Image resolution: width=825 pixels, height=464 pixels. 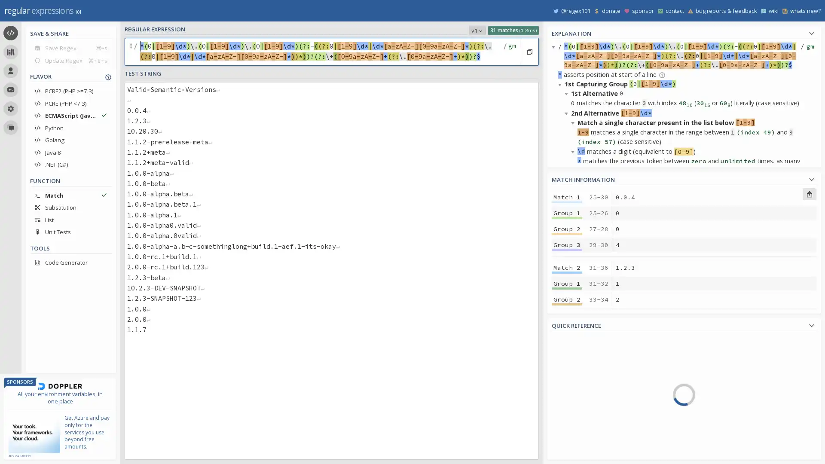 What do you see at coordinates (70, 128) in the screenshot?
I see `Python` at bounding box center [70, 128].